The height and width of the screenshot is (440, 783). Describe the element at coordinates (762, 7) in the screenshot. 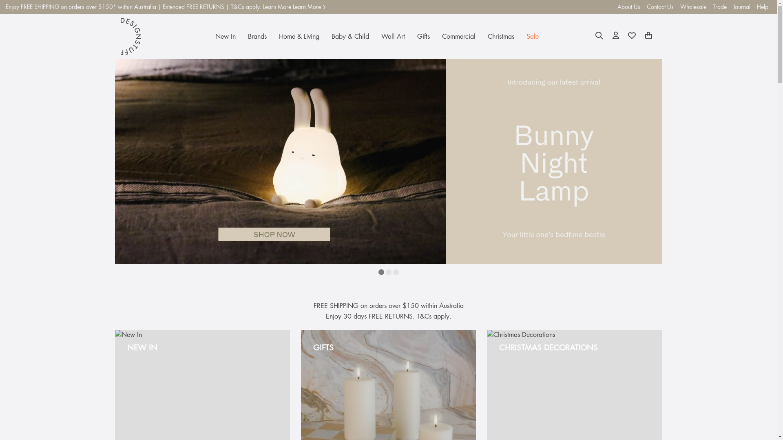

I see `'Help'` at that location.